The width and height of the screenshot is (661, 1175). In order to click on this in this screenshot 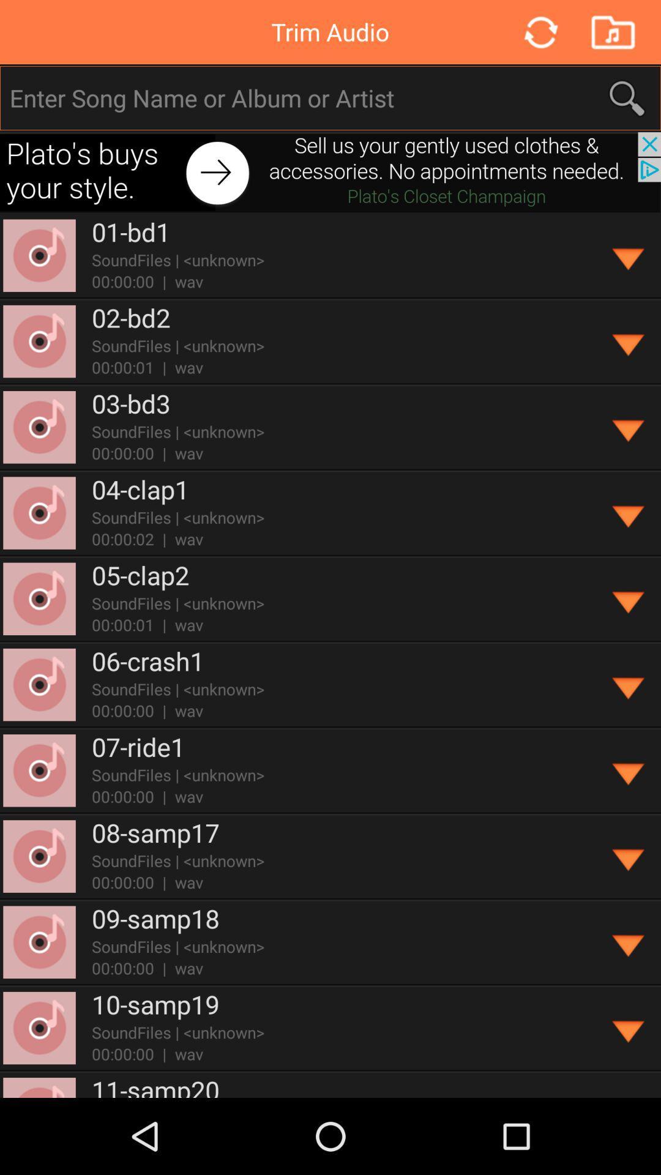, I will do `click(629, 427)`.